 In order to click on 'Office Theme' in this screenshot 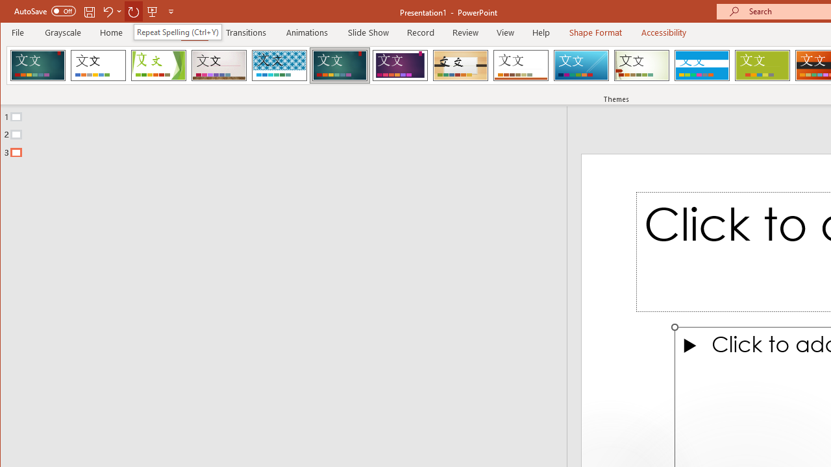, I will do `click(97, 65)`.